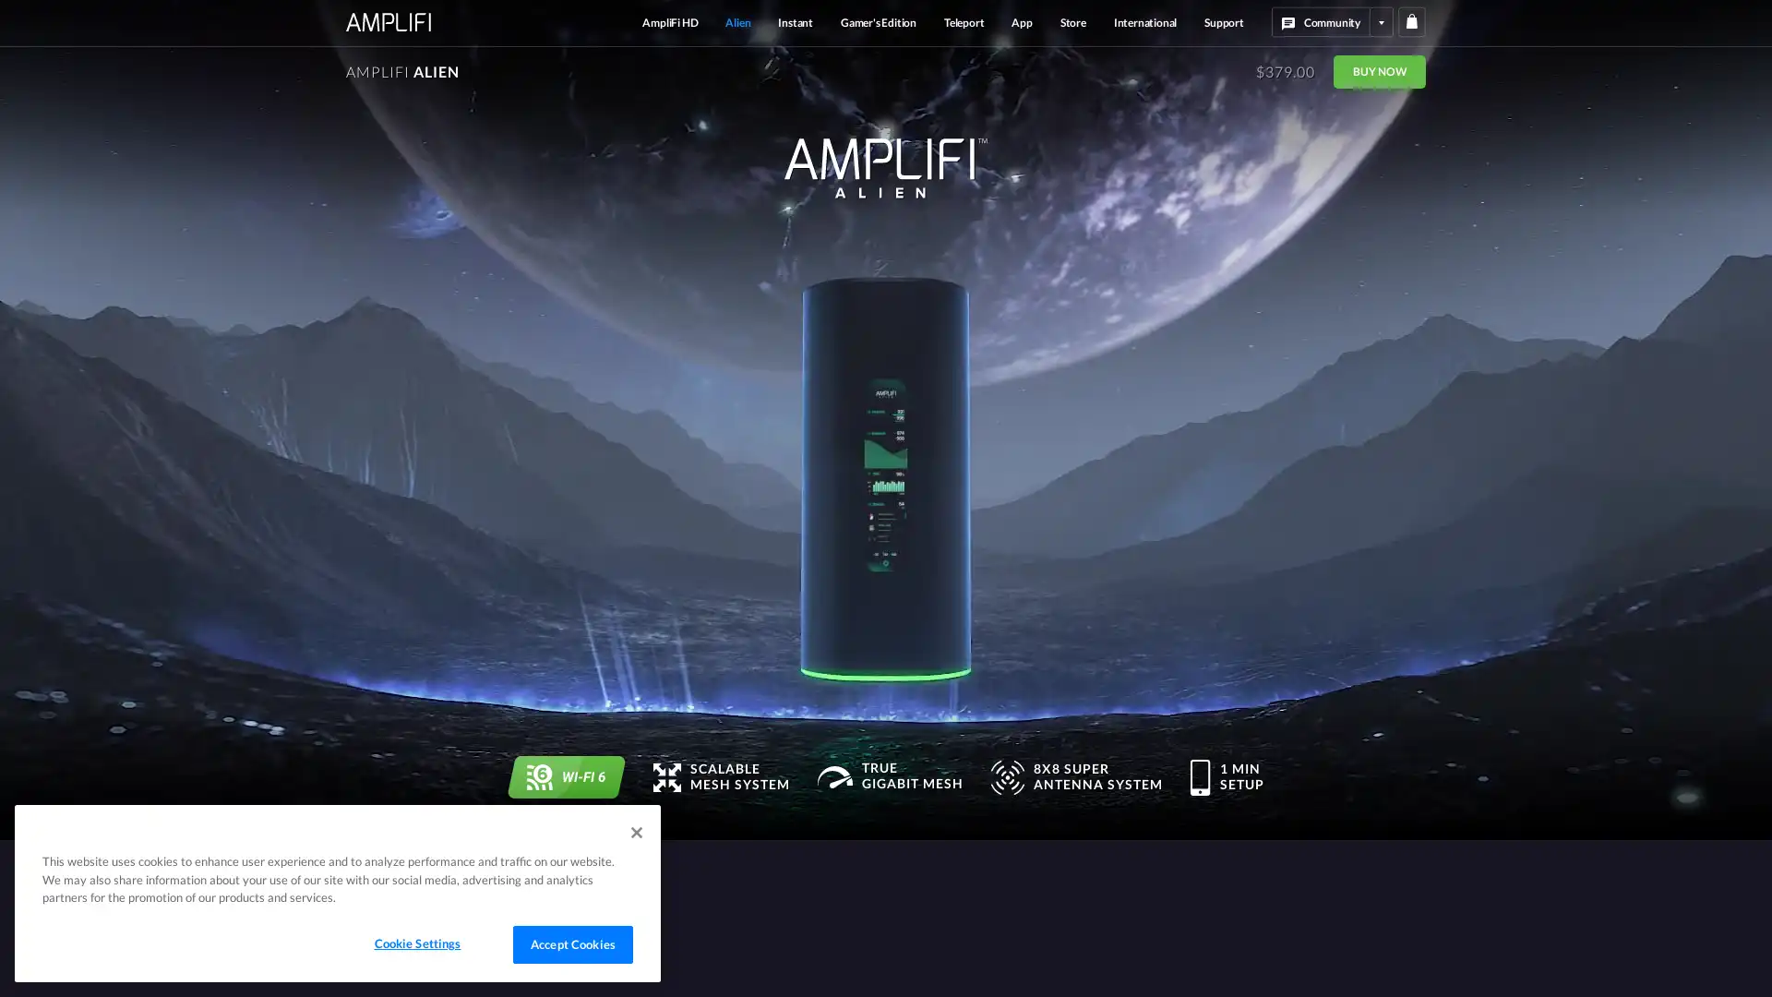 The width and height of the screenshot is (1772, 997). Describe the element at coordinates (637, 832) in the screenshot. I see `Close` at that location.